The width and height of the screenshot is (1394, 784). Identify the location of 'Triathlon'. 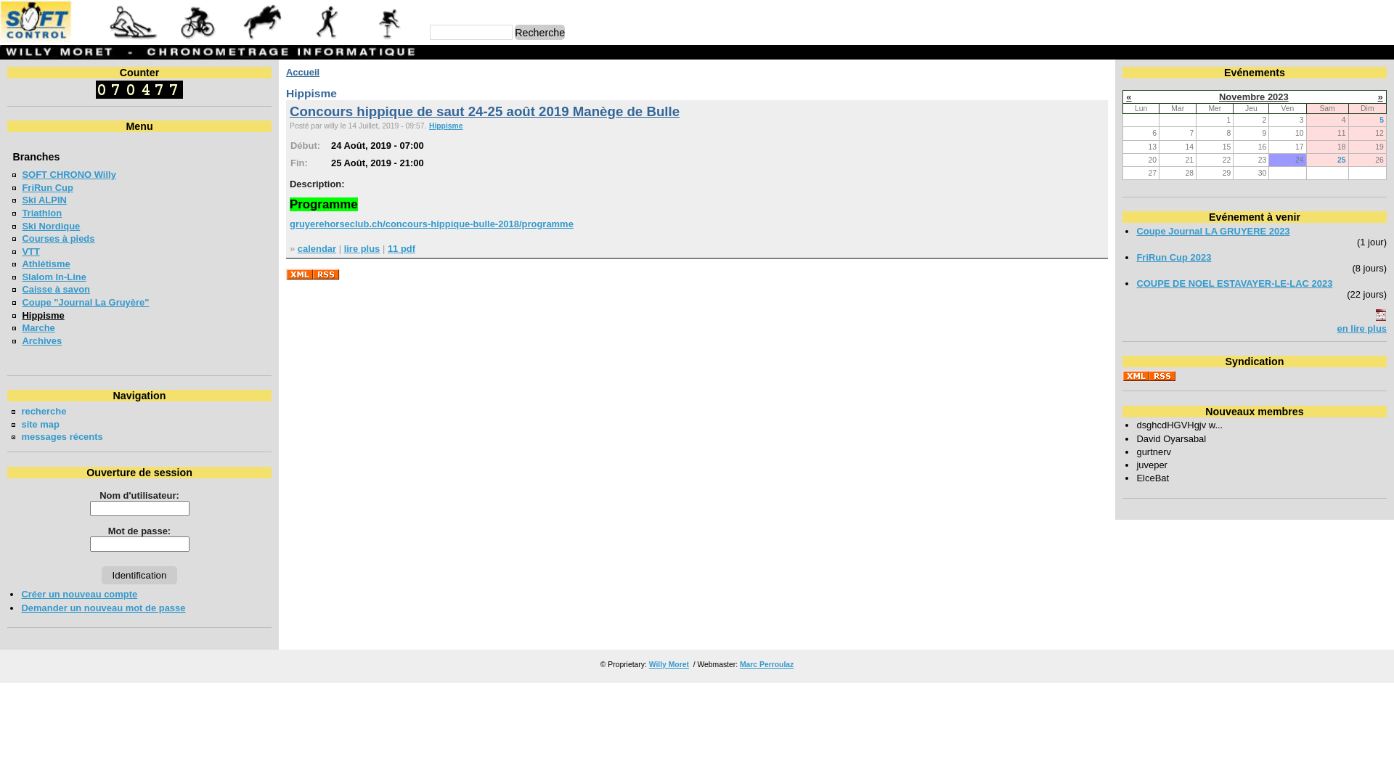
(41, 213).